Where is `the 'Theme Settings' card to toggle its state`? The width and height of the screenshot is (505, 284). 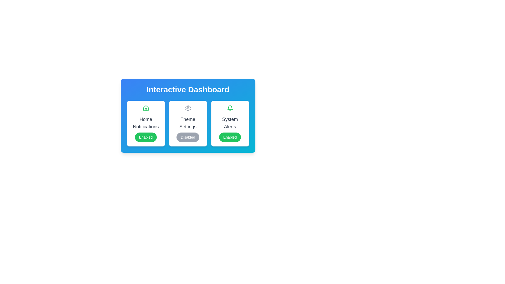 the 'Theme Settings' card to toggle its state is located at coordinates (188, 124).